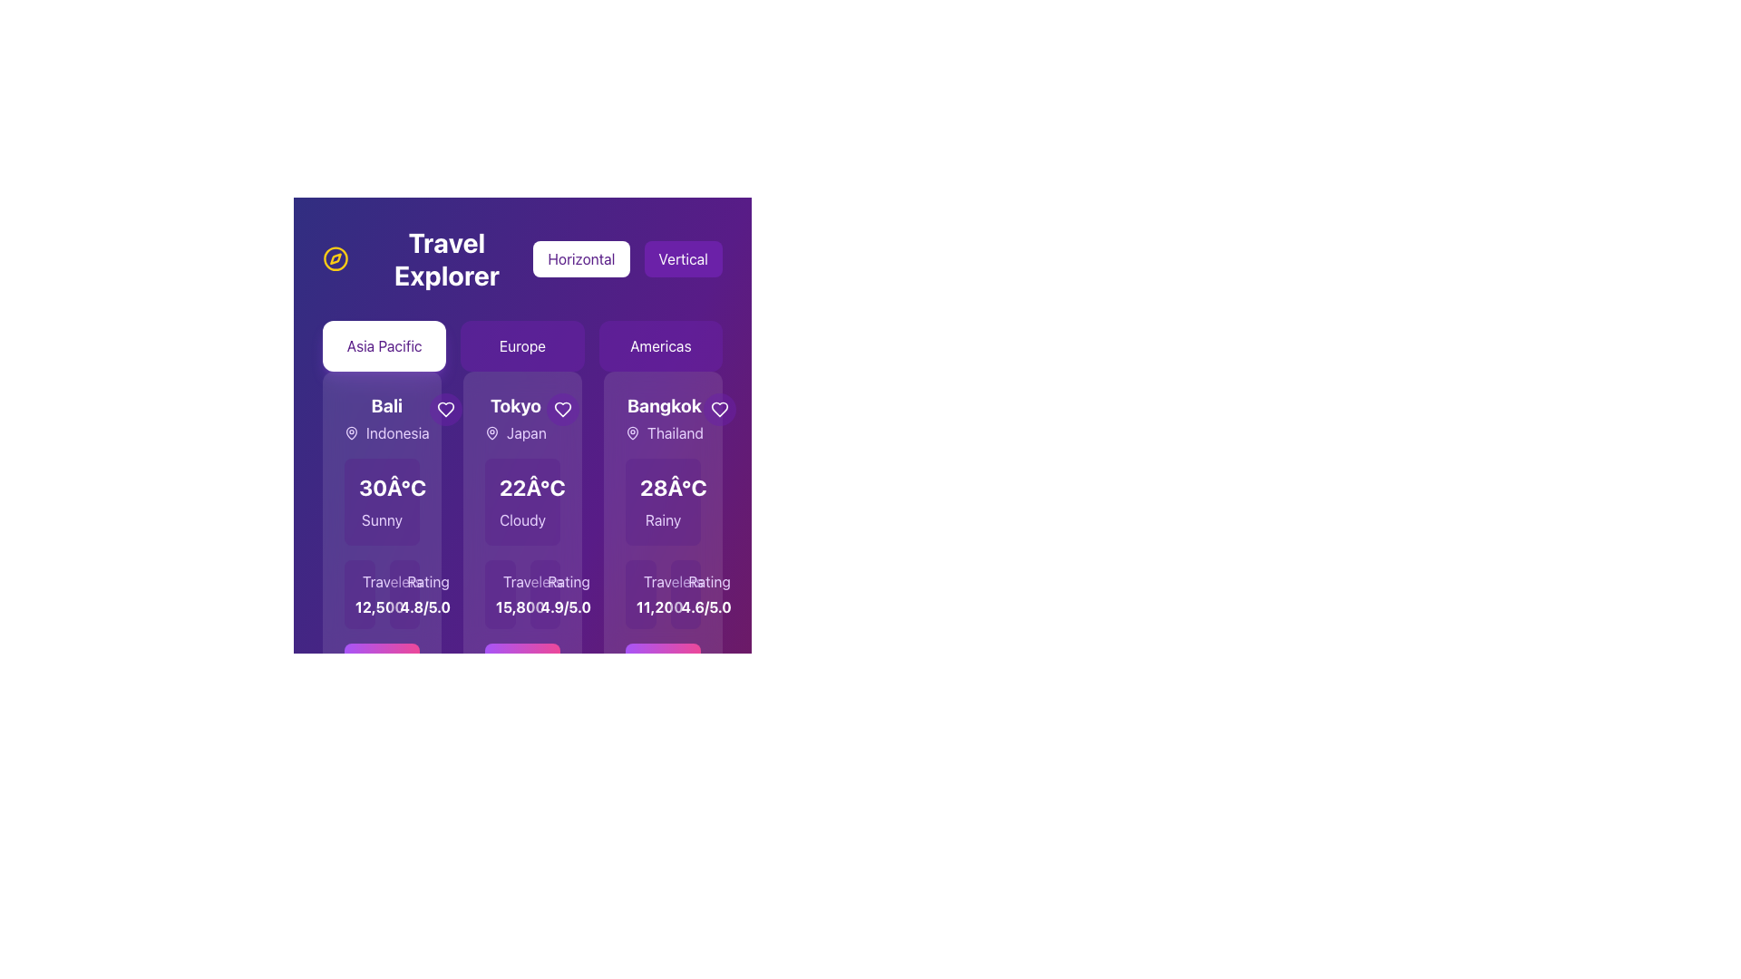  What do you see at coordinates (445, 409) in the screenshot?
I see `the circular purple button with a white heart icon in the top-right corner of the 'Bali' travel card to mark it as favorite` at bounding box center [445, 409].